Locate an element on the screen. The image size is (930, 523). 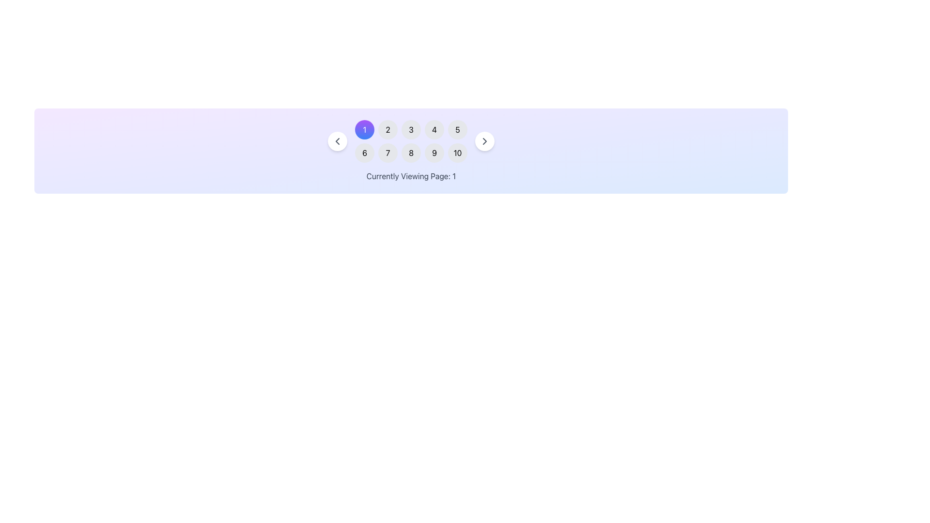
the navigation button for the tenth page located in the second row and fifth column of the grid layout is located at coordinates (457, 153).